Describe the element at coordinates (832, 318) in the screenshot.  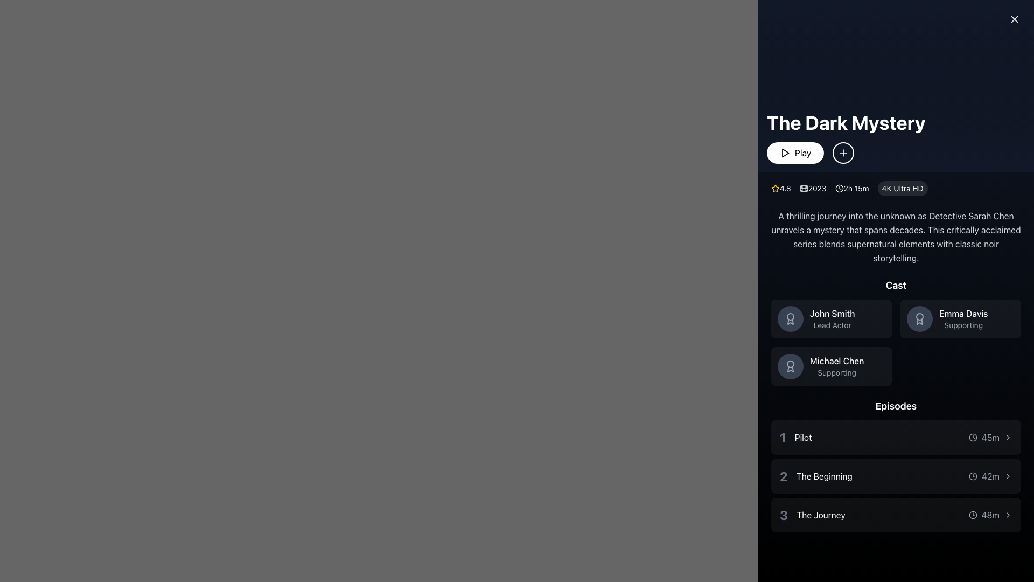
I see `the text and informational label for the cast member located in the first position of the 'Cast' section, right next to the circular thumbnail icon` at that location.